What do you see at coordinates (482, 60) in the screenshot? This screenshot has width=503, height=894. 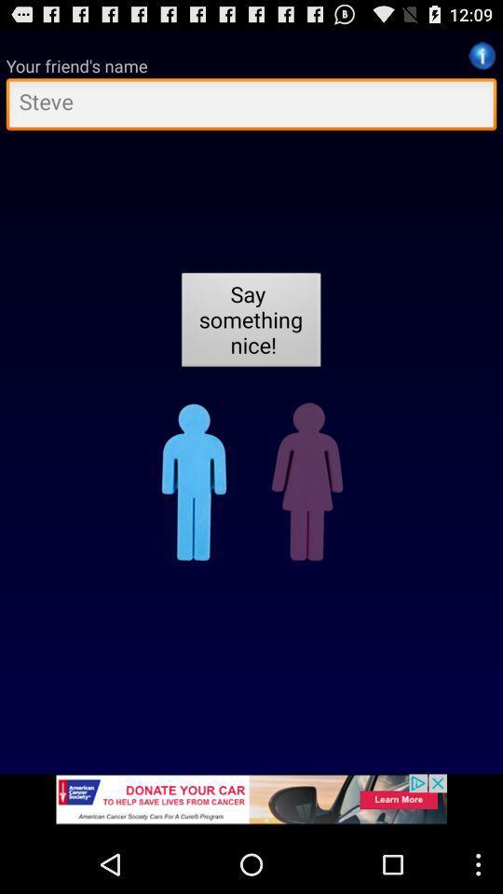 I see `the info icon` at bounding box center [482, 60].